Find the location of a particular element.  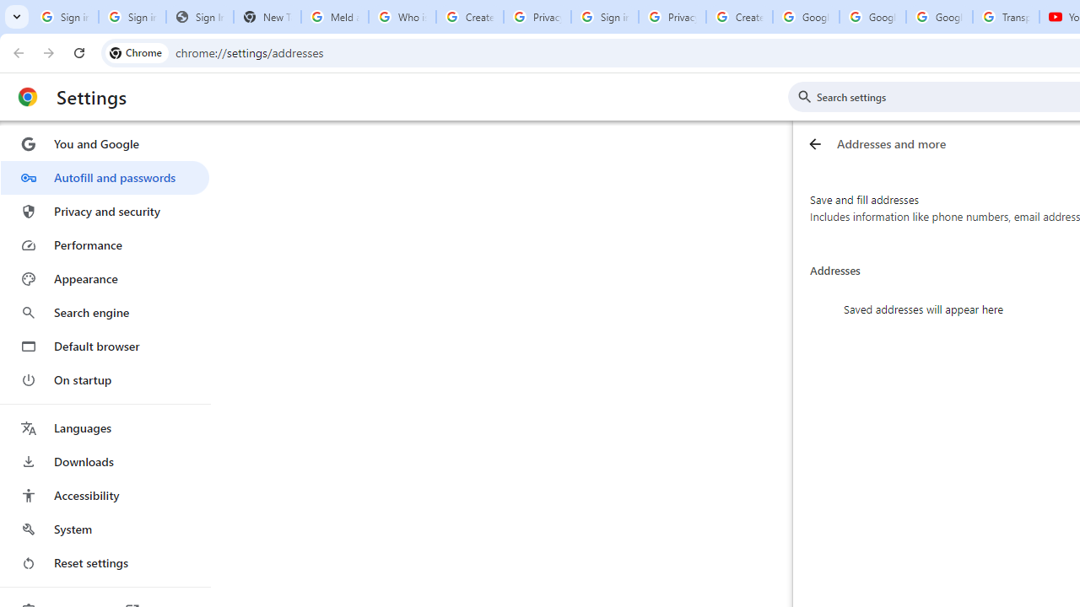

'On startup' is located at coordinates (104, 380).